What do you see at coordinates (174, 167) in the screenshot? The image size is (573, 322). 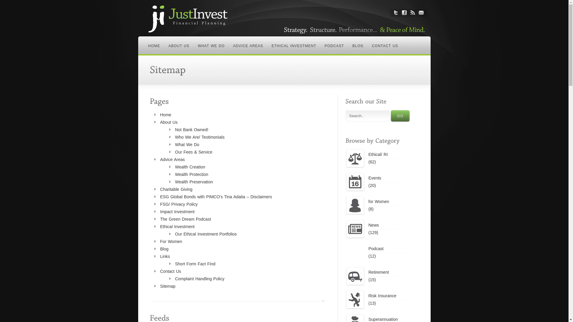 I see `'Wealth Creation'` at bounding box center [174, 167].